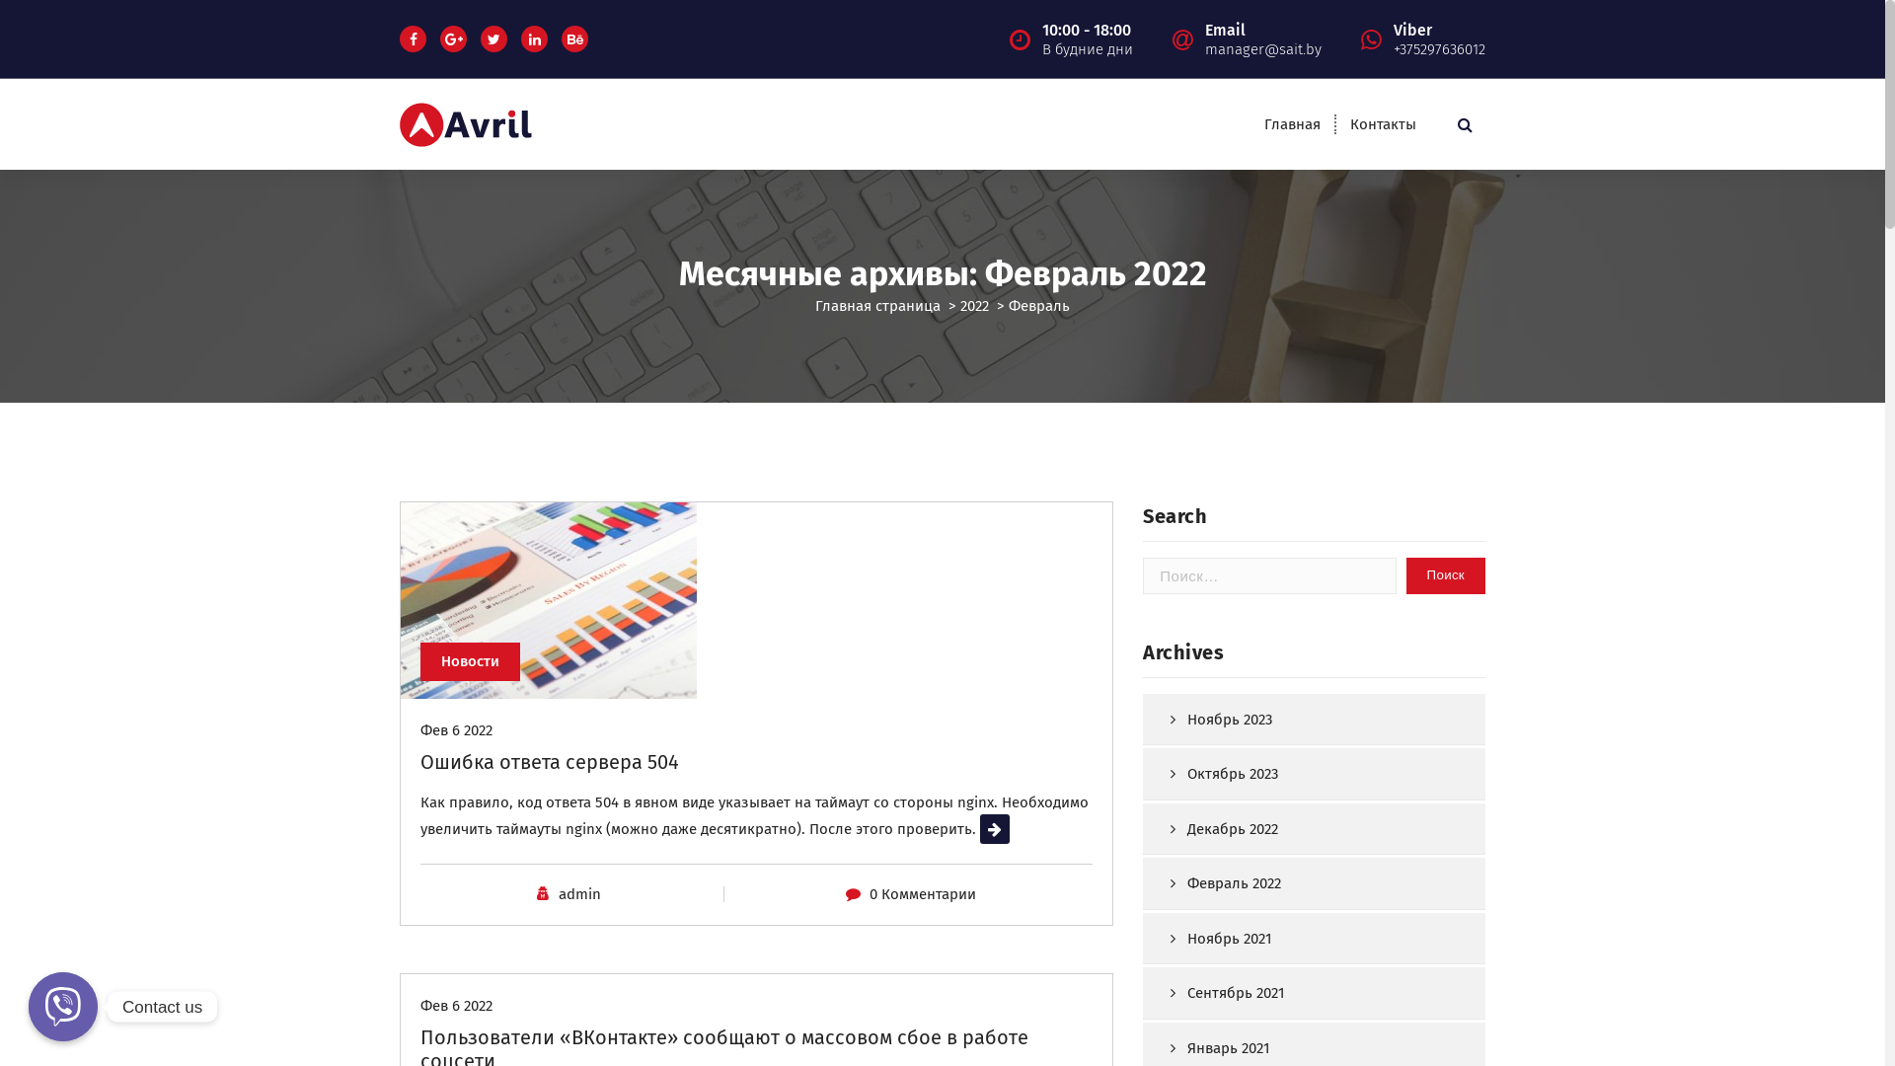  Describe the element at coordinates (62, 1006) in the screenshot. I see `'Contact us'` at that location.